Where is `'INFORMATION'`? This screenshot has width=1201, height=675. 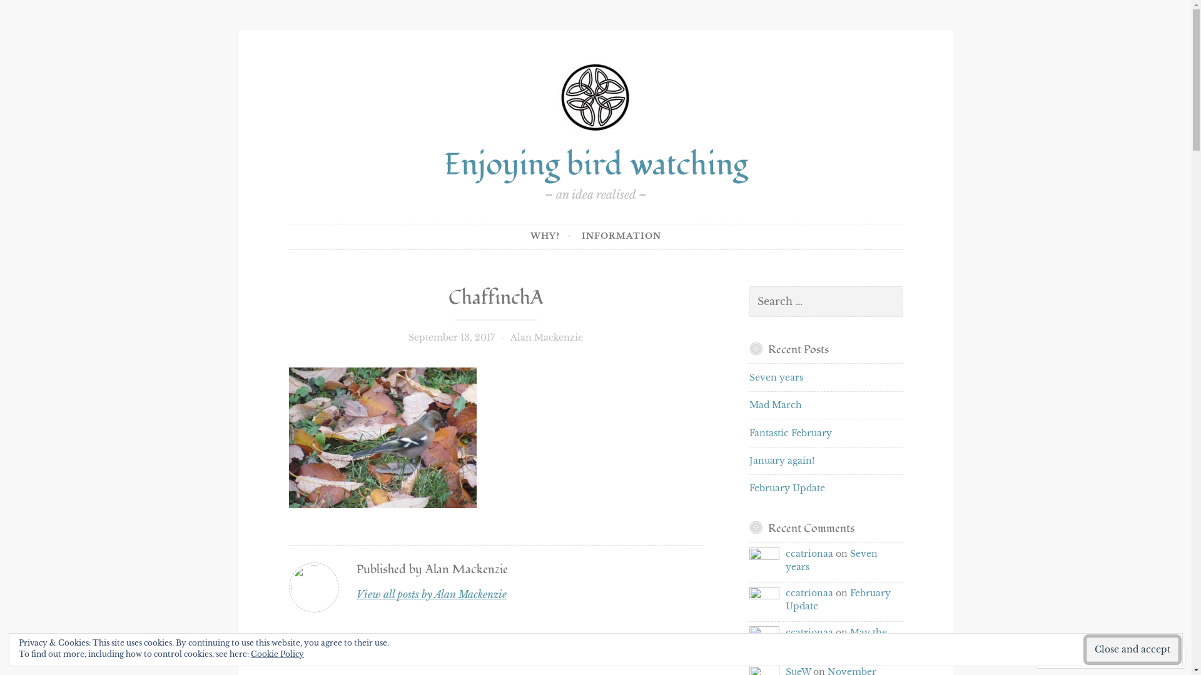
'INFORMATION' is located at coordinates (621, 236).